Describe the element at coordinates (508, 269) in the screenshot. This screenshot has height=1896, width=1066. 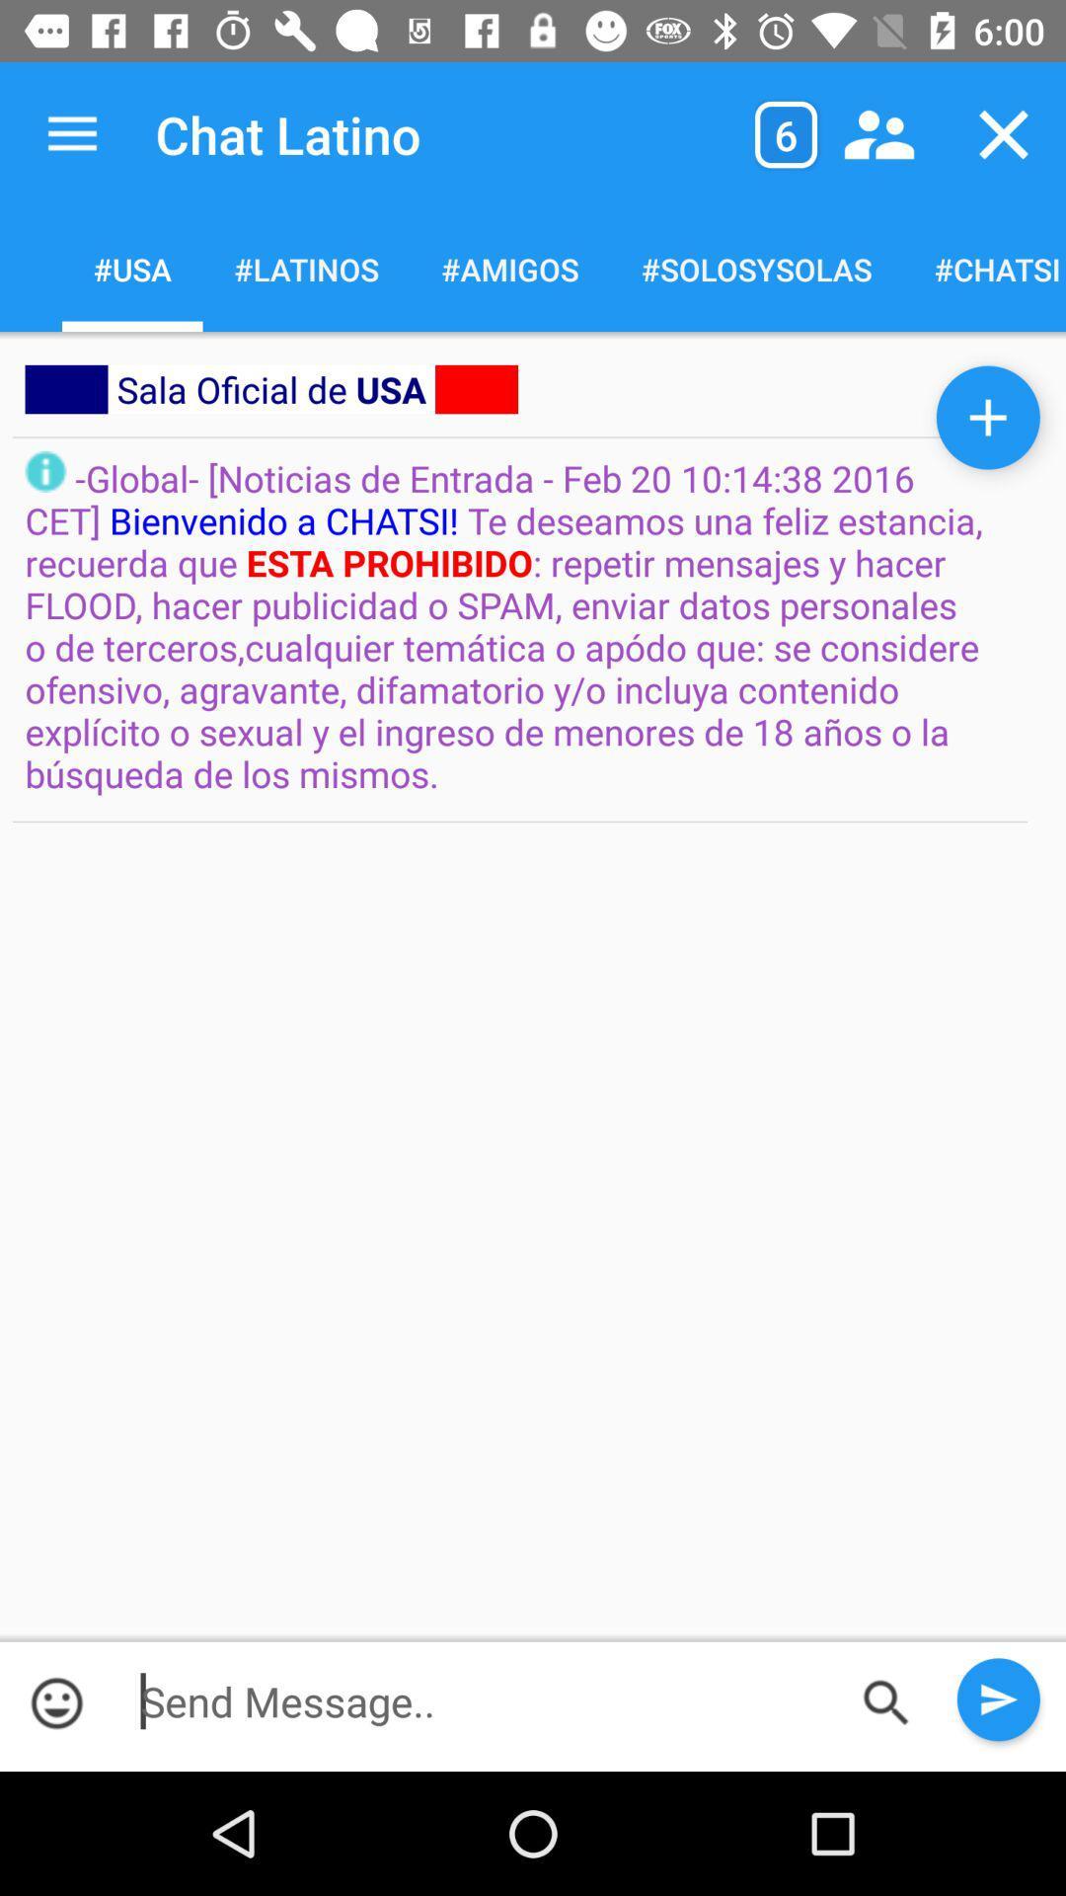
I see `the third option below text chat latino` at that location.